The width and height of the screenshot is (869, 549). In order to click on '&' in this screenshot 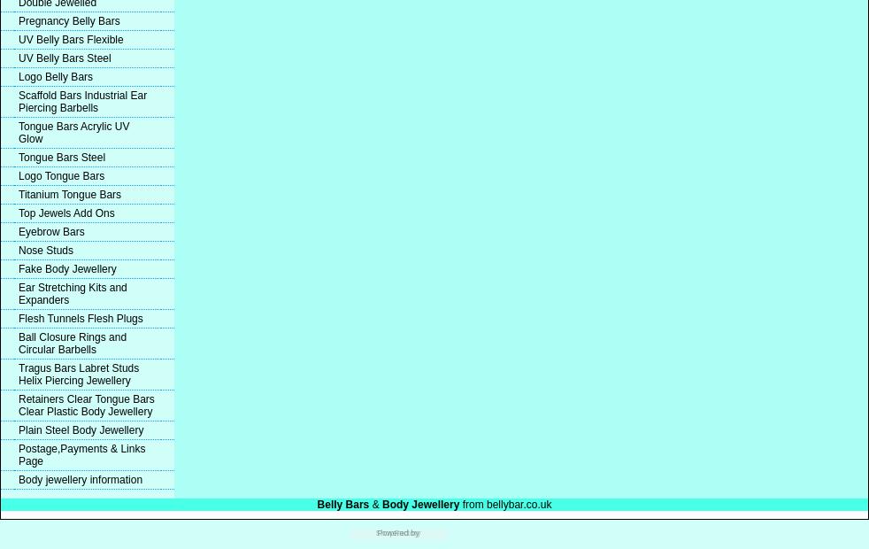, I will do `click(376, 505)`.